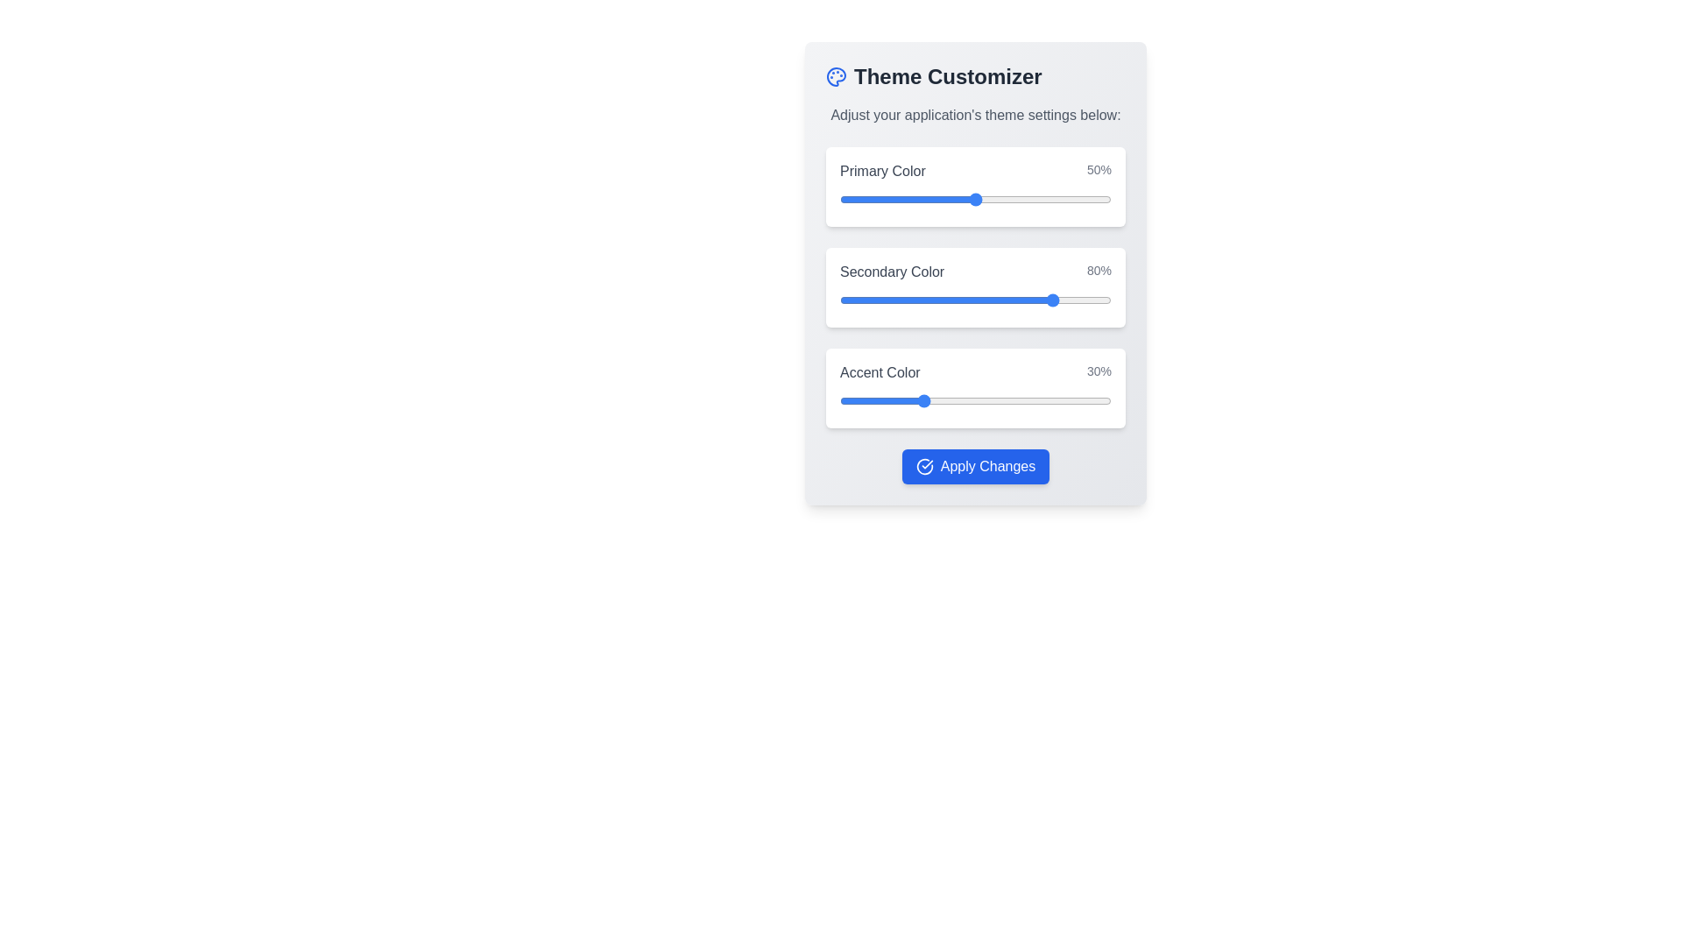  What do you see at coordinates (1053, 300) in the screenshot?
I see `the secondary color value` at bounding box center [1053, 300].